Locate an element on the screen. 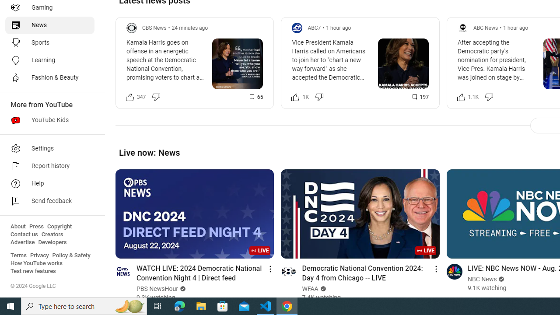 The height and width of the screenshot is (315, 560). 'WFAA' is located at coordinates (310, 289).